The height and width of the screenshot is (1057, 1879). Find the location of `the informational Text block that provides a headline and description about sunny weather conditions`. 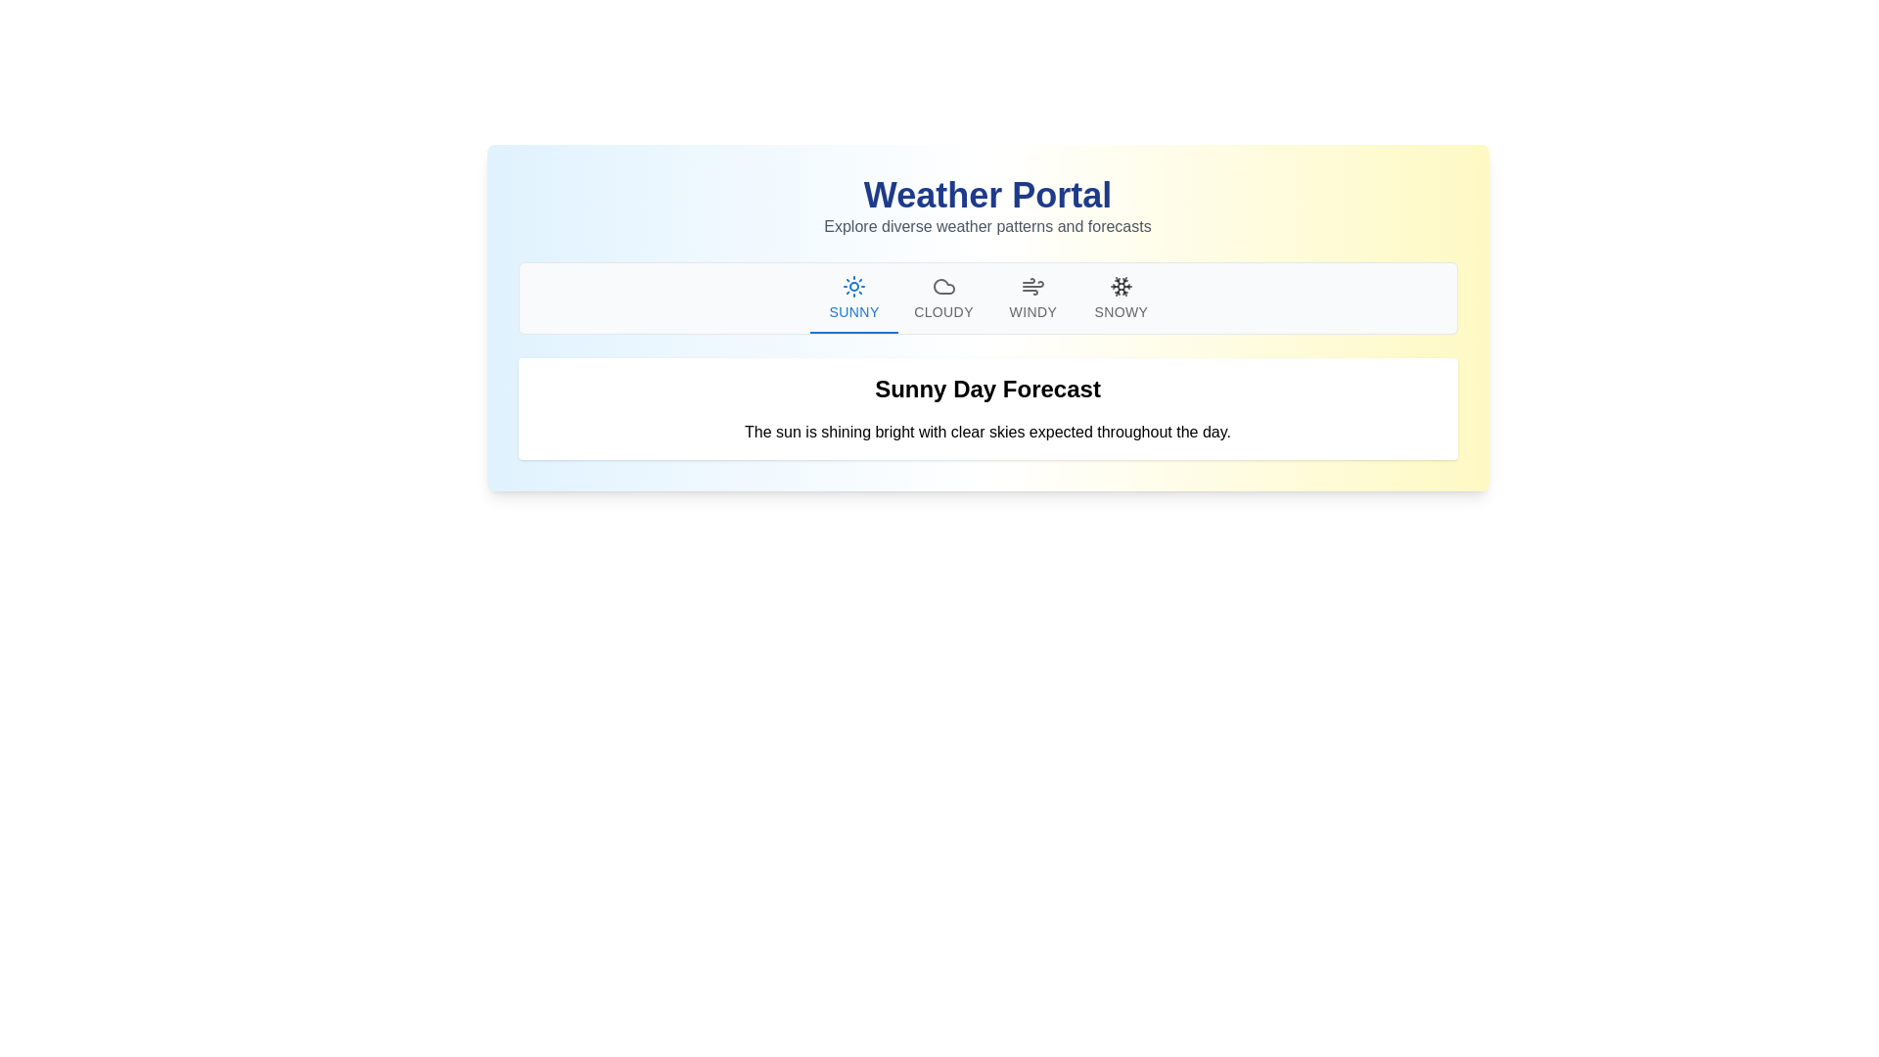

the informational Text block that provides a headline and description about sunny weather conditions is located at coordinates (987, 407).